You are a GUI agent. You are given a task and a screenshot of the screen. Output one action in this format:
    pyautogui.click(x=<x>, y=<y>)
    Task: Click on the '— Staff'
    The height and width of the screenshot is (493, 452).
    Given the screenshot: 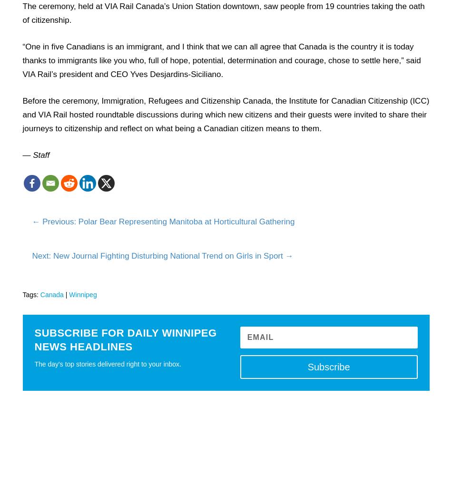 What is the action you would take?
    pyautogui.click(x=36, y=154)
    